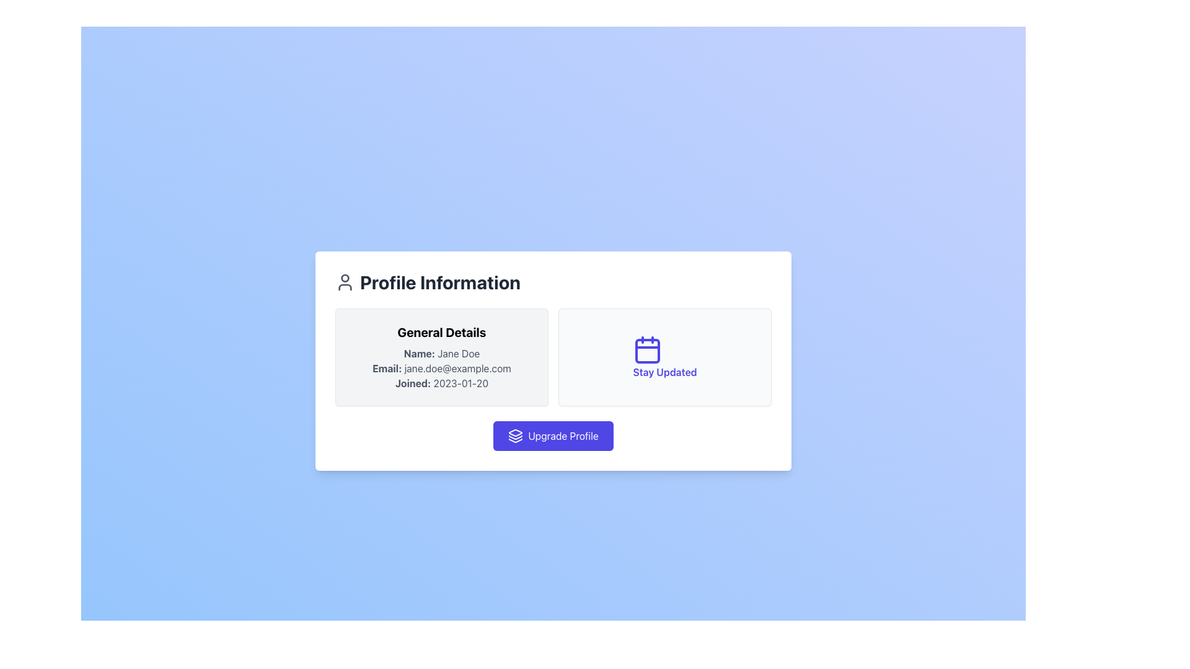 The image size is (1190, 669). I want to click on the Label element displaying 'Email:' in bold dark gray font, located in the 'General Details' section, so click(386, 367).